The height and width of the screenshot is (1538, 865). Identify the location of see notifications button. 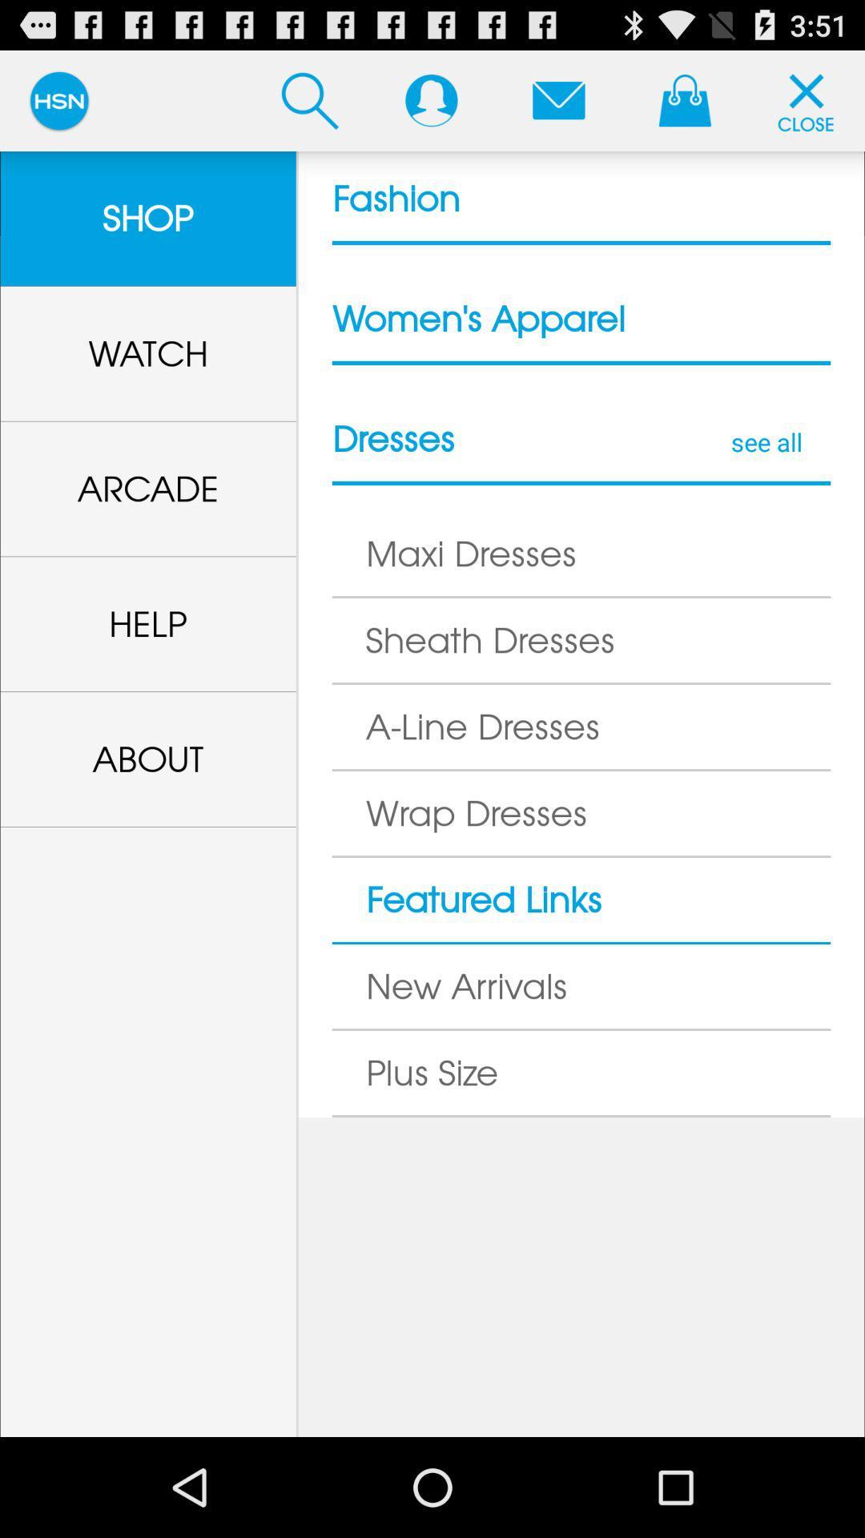
(557, 99).